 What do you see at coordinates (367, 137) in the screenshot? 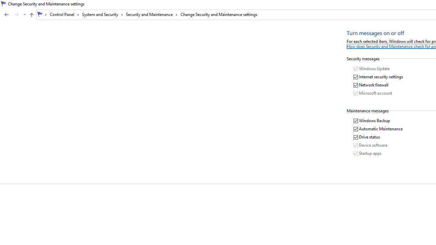
I see `'Drive status'` at bounding box center [367, 137].